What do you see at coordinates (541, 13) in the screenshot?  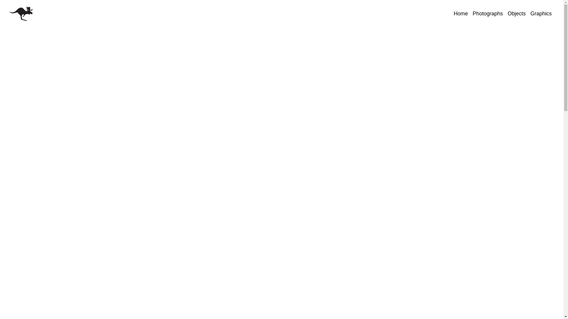 I see `'Graphics'` at bounding box center [541, 13].